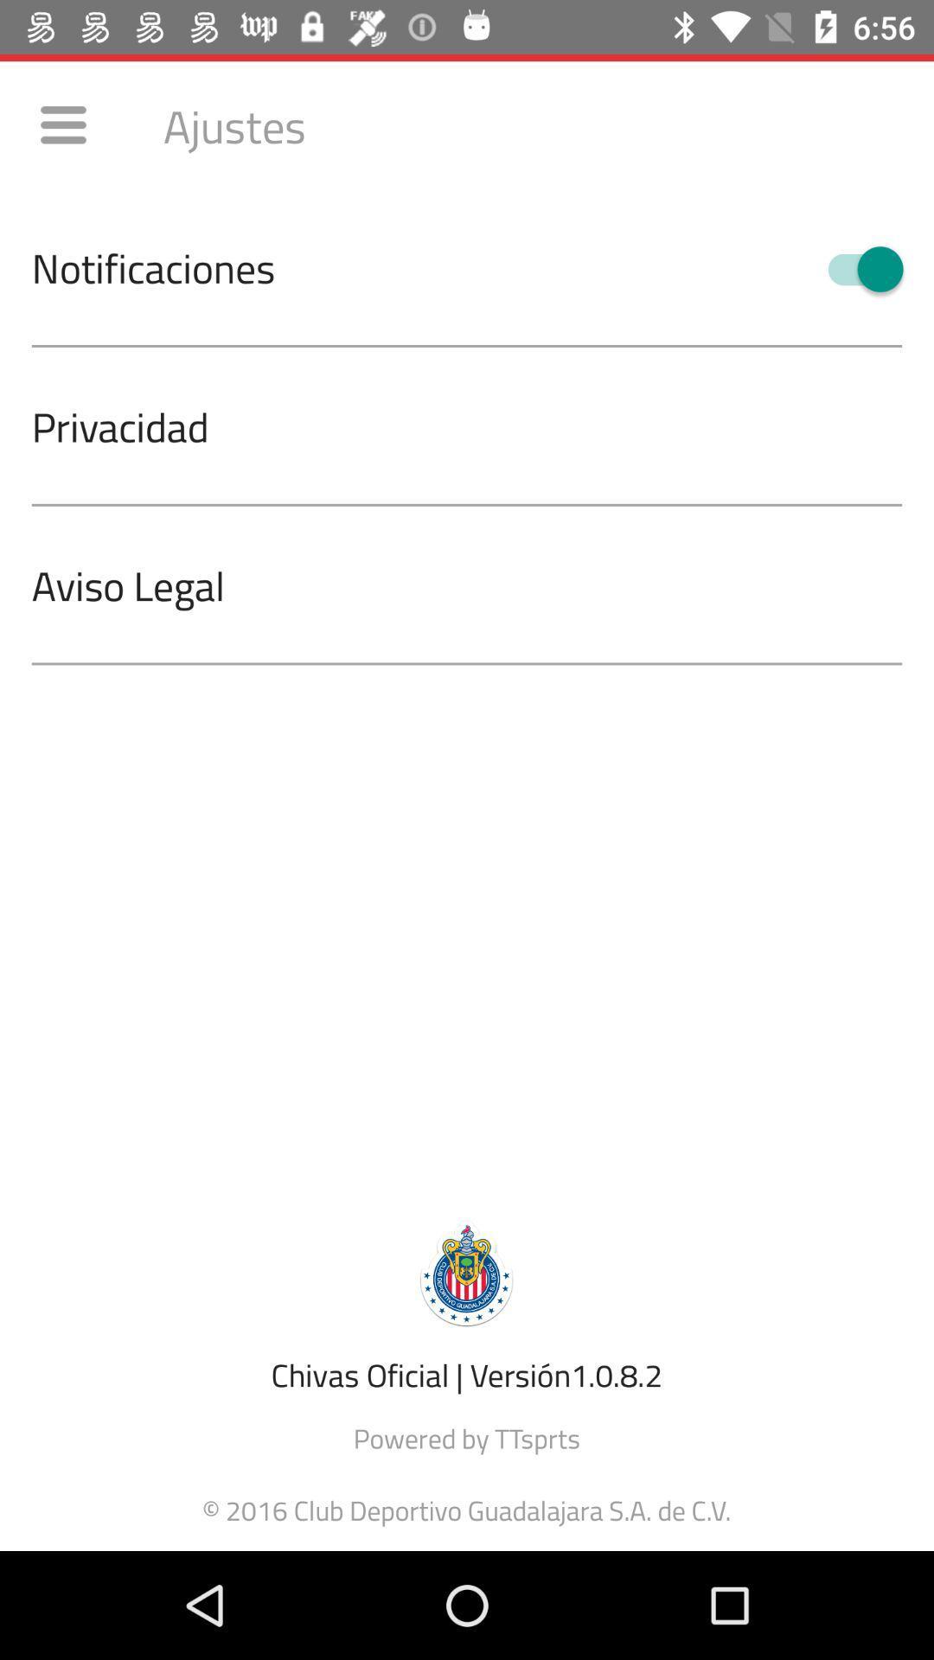 Image resolution: width=934 pixels, height=1660 pixels. What do you see at coordinates (62, 124) in the screenshot?
I see `the item next to ajustes item` at bounding box center [62, 124].